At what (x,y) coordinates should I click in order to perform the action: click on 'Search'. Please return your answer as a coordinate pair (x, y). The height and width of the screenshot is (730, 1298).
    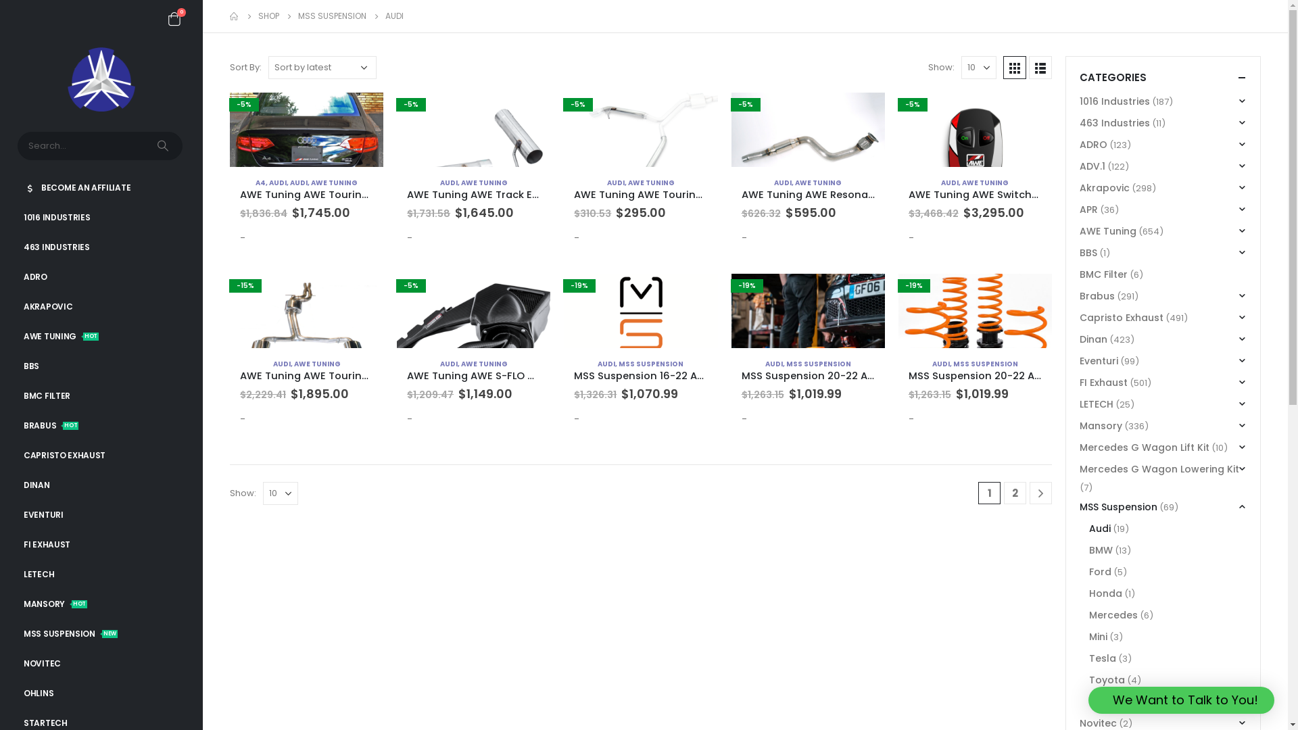
    Looking at the image, I should click on (164, 146).